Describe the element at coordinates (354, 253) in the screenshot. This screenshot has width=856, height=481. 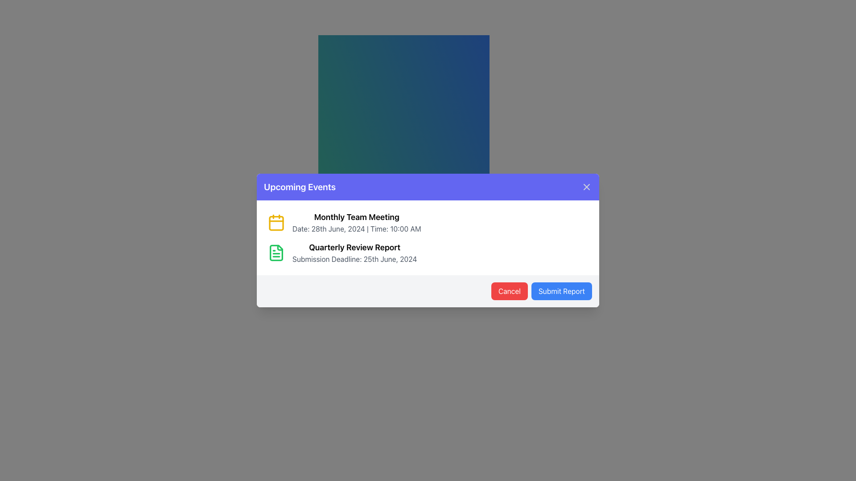
I see `the Informational Text element that displays 'Quarterly Review Report' and 'Submission Deadline: 25th June, 2024', located in the second list item of the 'Upcoming Events' dialog box` at that location.